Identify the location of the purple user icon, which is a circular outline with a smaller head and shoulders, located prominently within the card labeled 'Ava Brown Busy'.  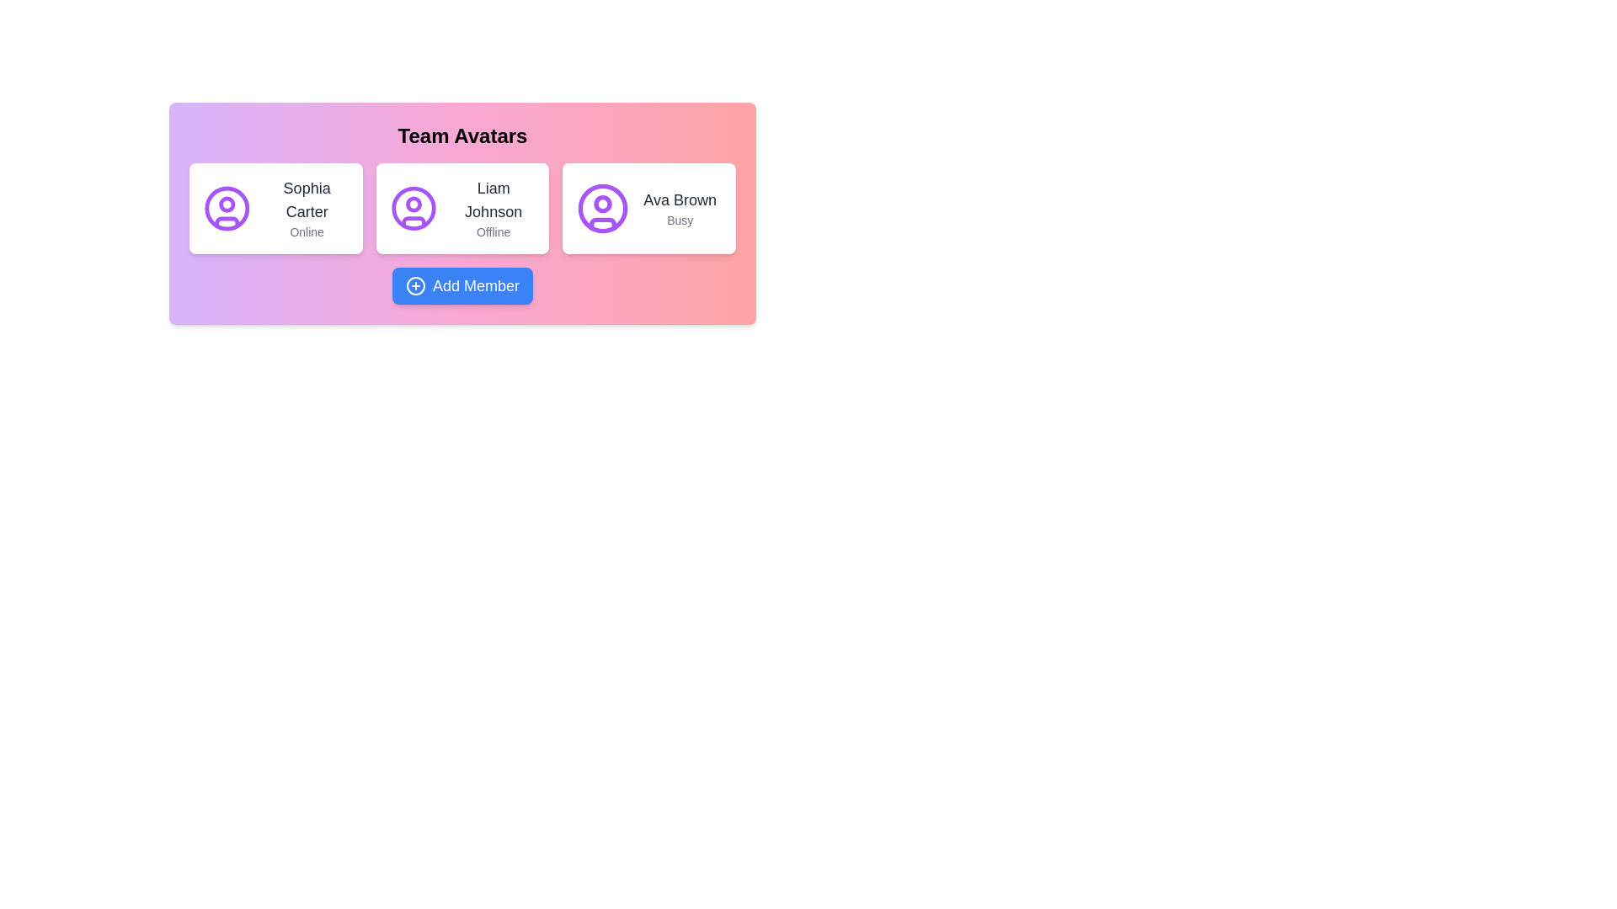
(603, 207).